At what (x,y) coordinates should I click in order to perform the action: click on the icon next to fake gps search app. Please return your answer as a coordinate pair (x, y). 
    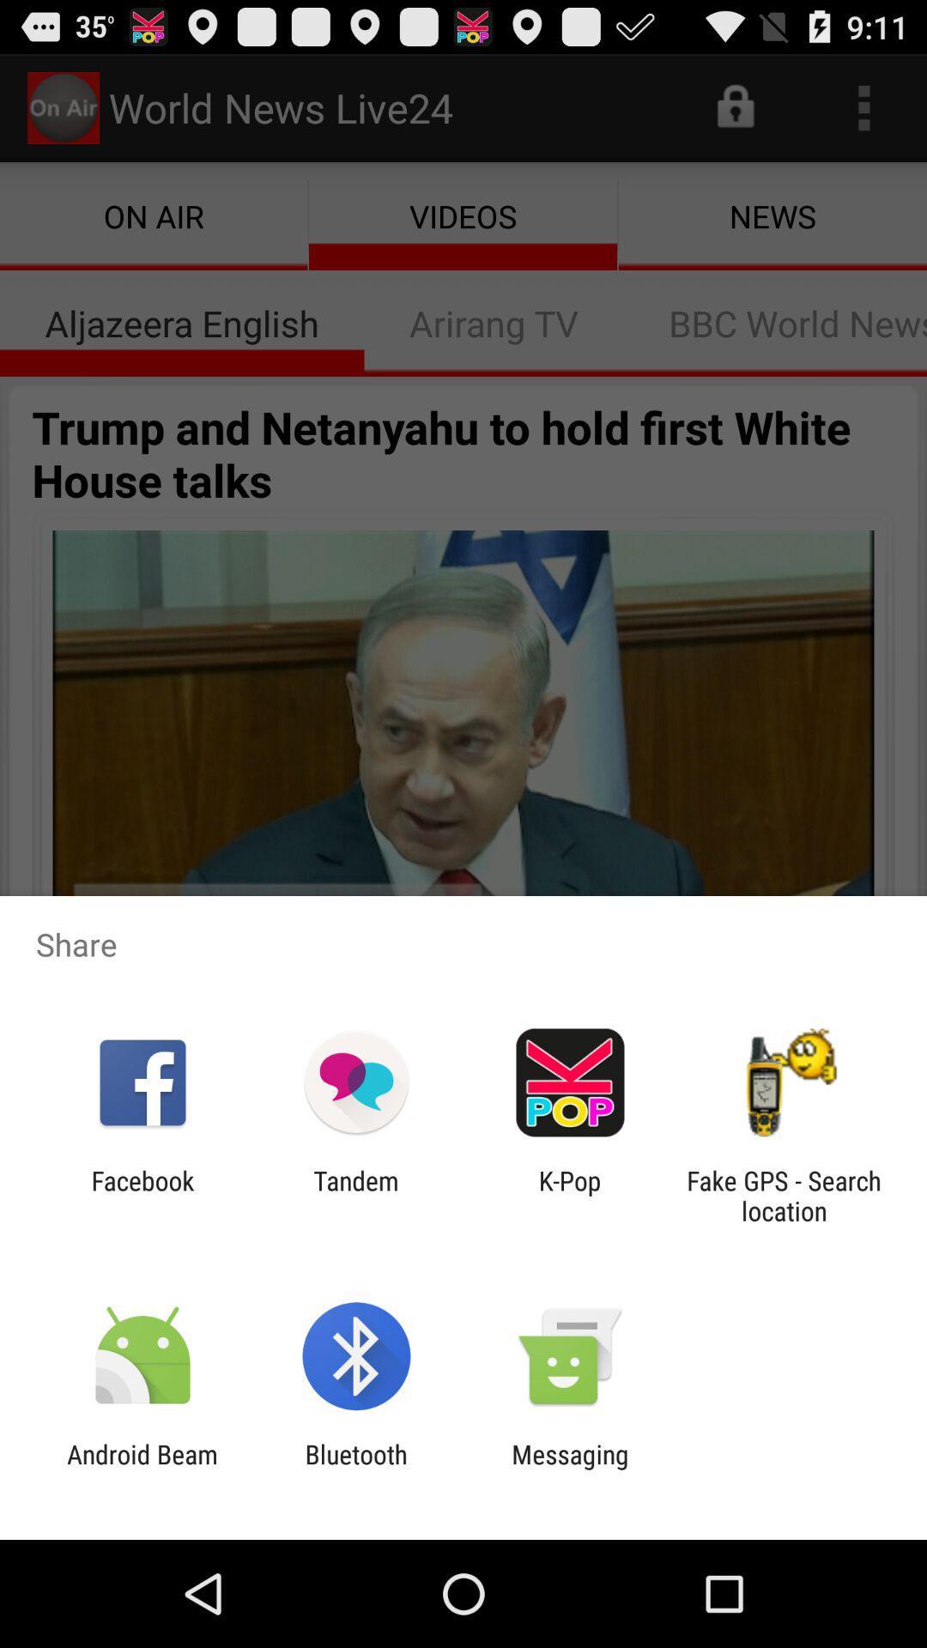
    Looking at the image, I should click on (570, 1195).